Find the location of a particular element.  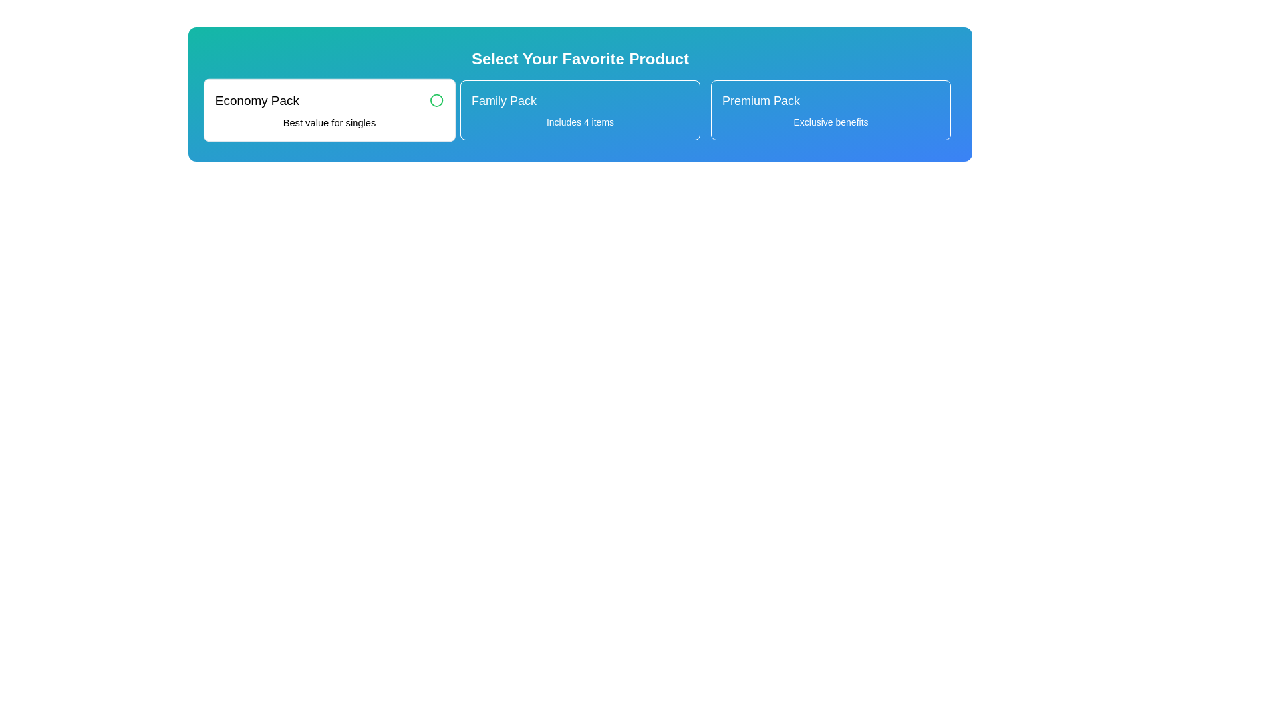

the 'Family Pack' button, which is a blue card with a bold title and a subtitle, positioned in the middle of three product options is located at coordinates (580, 109).